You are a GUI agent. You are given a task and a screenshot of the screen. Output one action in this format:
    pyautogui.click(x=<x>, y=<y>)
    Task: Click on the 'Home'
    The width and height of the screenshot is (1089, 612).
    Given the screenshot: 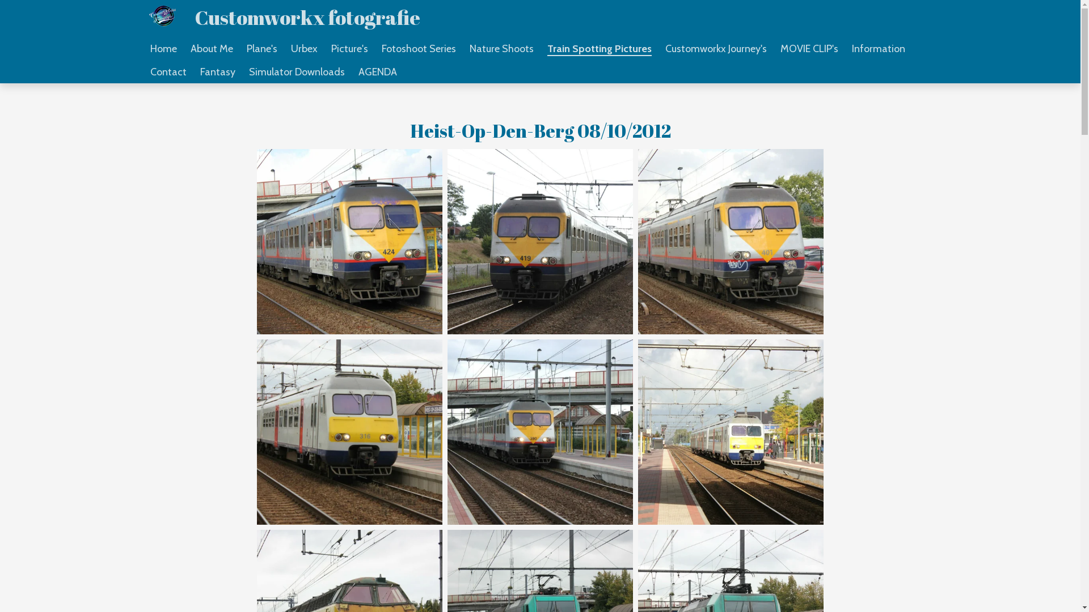 What is the action you would take?
    pyautogui.click(x=162, y=48)
    